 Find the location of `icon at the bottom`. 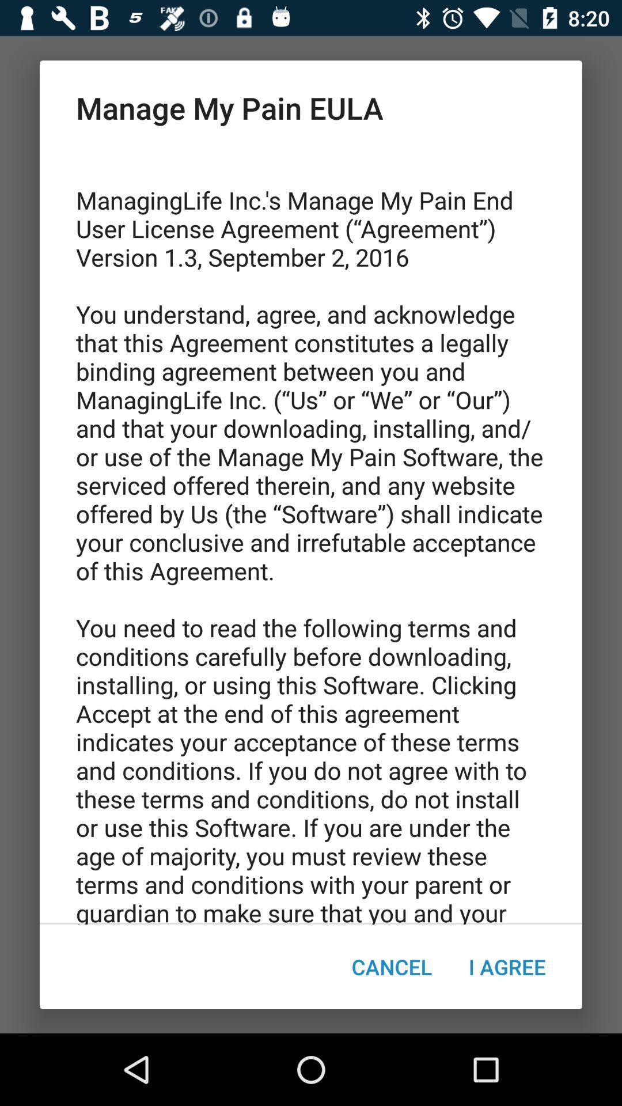

icon at the bottom is located at coordinates (391, 967).